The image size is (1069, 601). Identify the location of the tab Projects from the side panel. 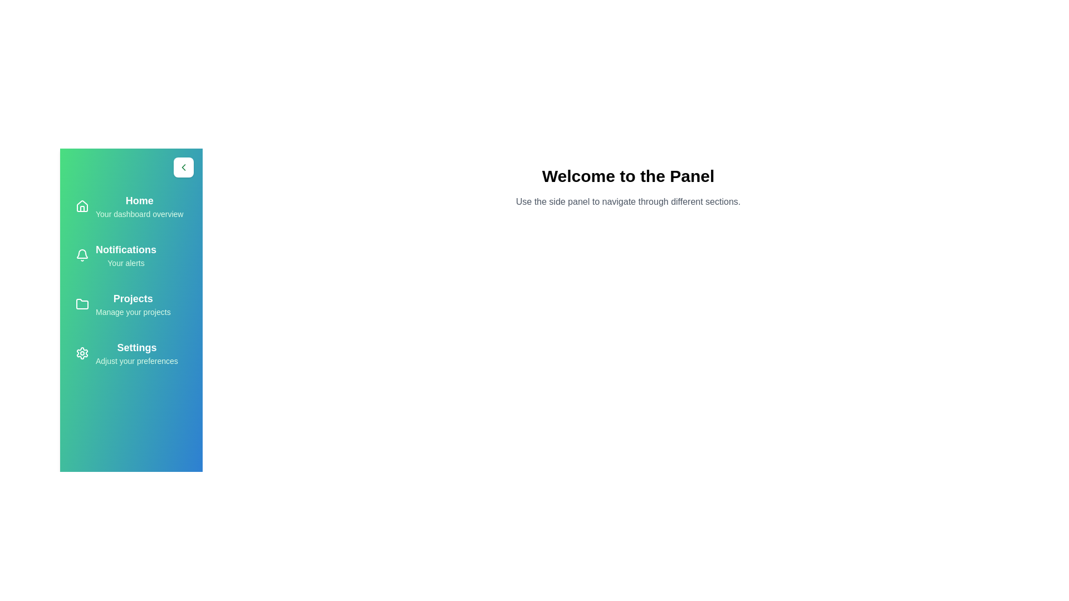
(131, 304).